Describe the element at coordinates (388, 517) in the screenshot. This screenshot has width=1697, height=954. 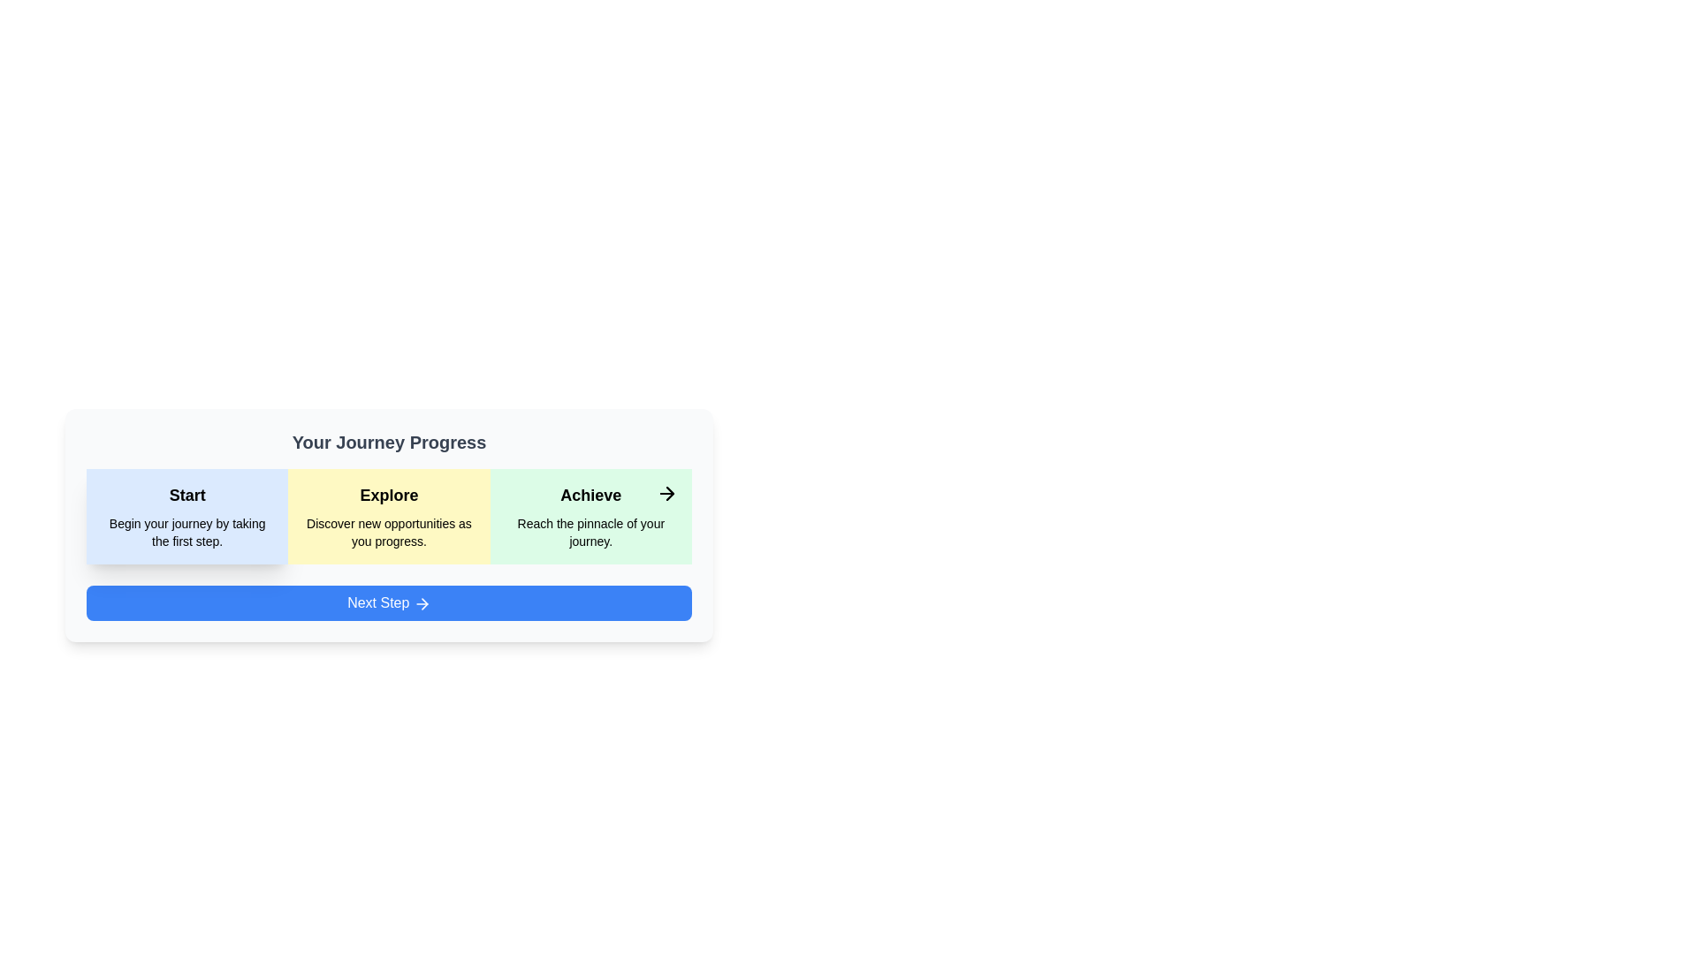
I see `displayed content on the Informational card, which is the second card in a horizontal trio between the 'Start' and 'Achieve' cards` at that location.